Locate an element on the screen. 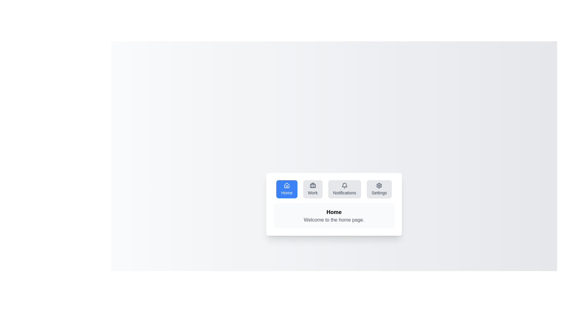  the button labeled 'Work' which is the second button in a horizontal menu bar, located between 'Home' and 'Notifications' is located at coordinates (313, 189).